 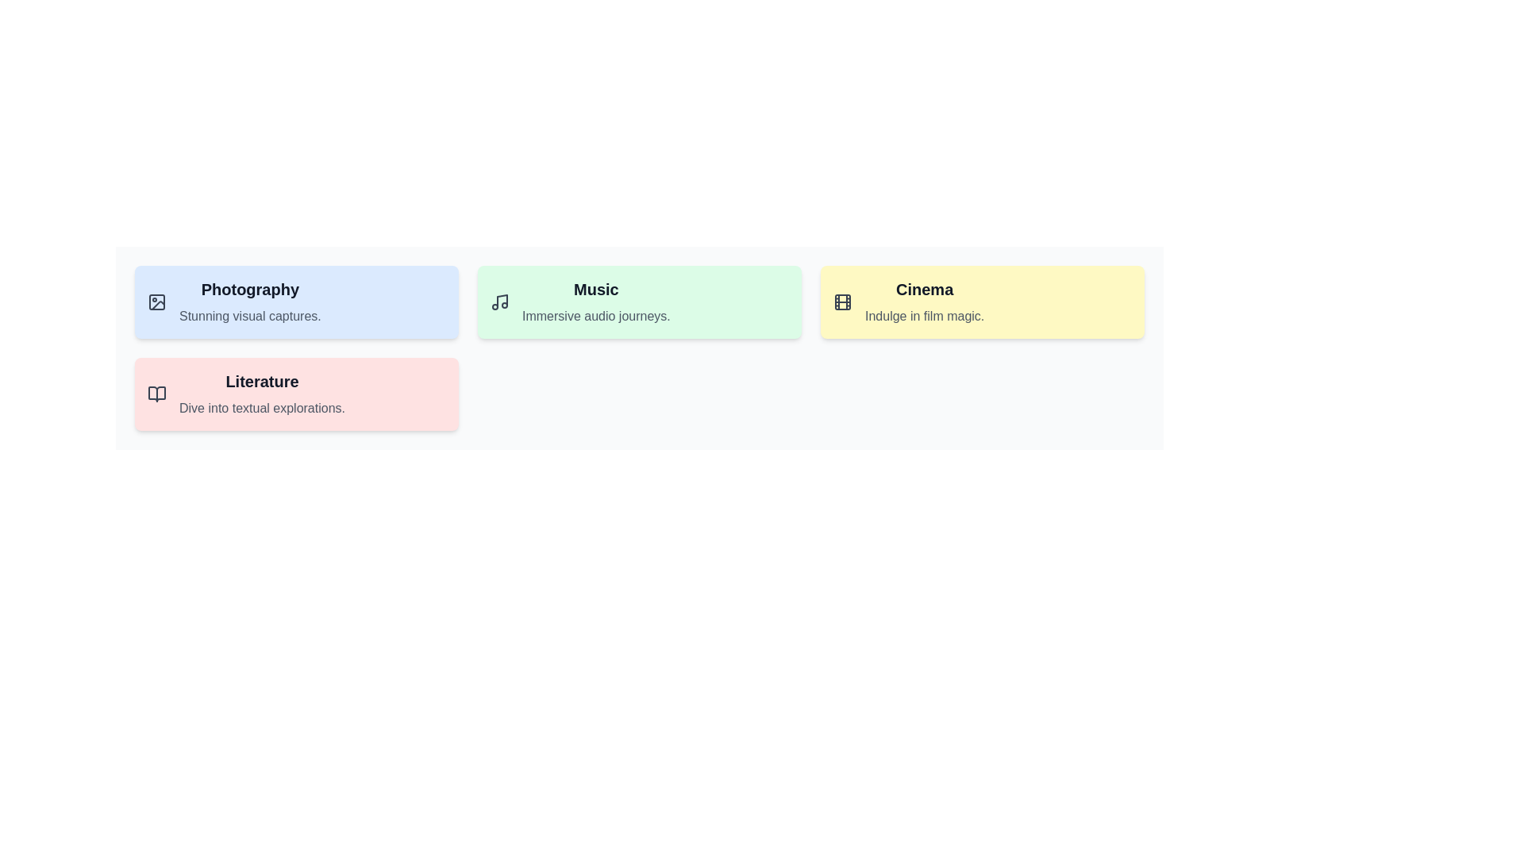 What do you see at coordinates (249, 290) in the screenshot?
I see `text label that says 'Photography', which is styled with an extra-large font size, bold formatting, and black color on a light blue background, located at the top-left corner of the card` at bounding box center [249, 290].